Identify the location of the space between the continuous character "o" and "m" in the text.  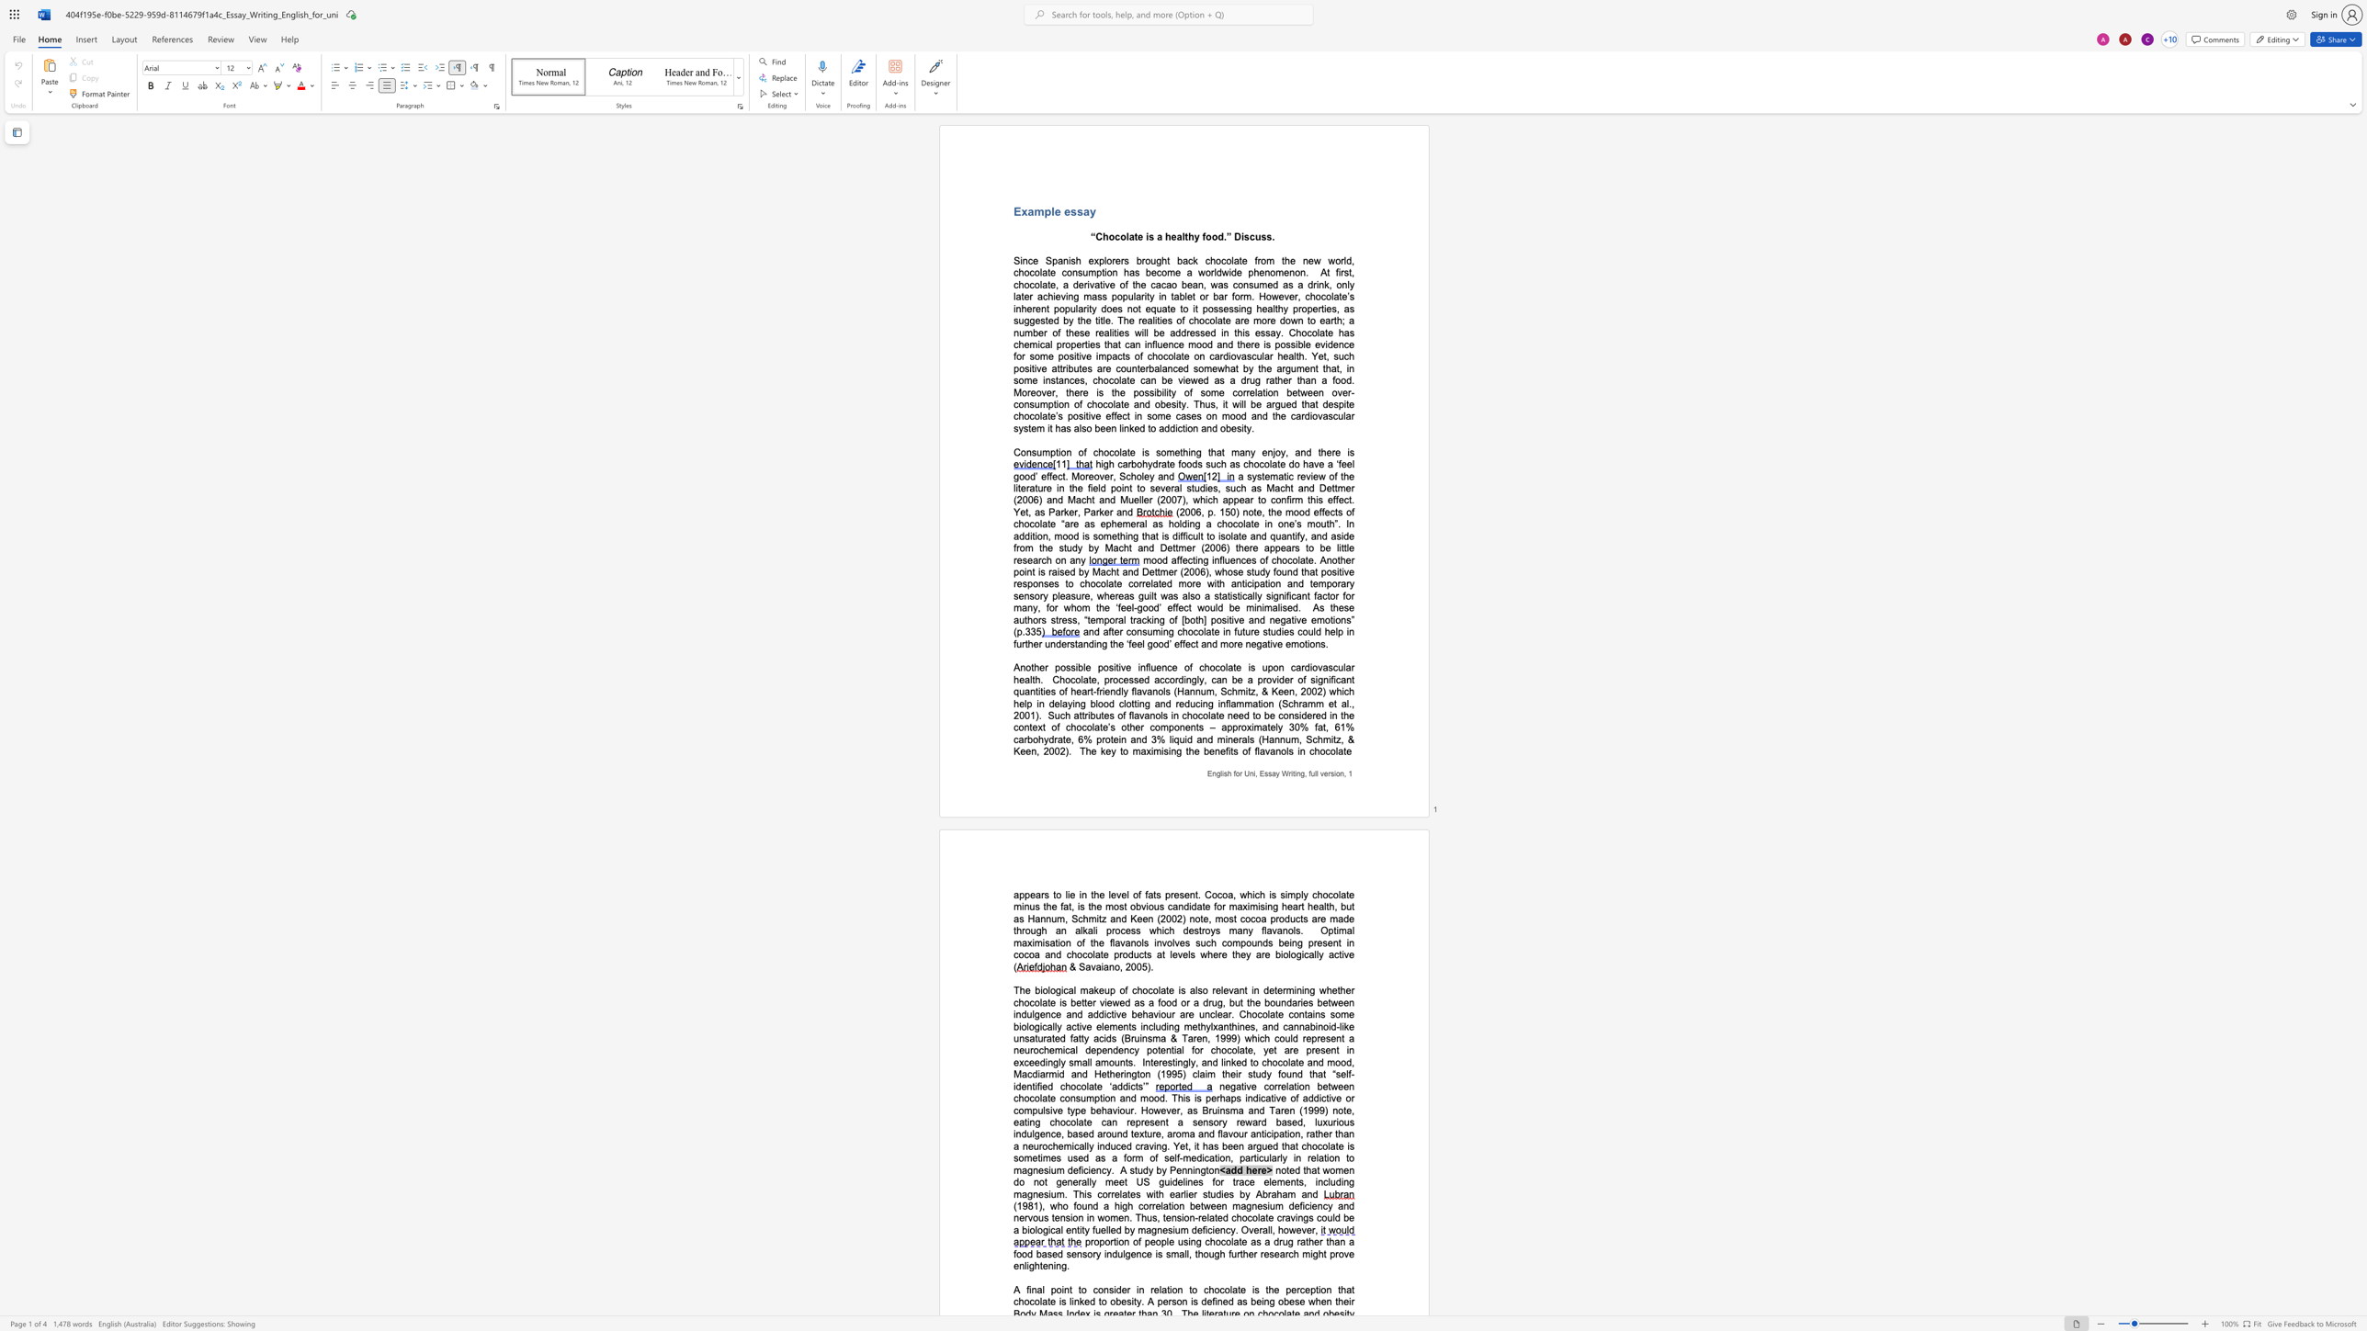
(1166, 452).